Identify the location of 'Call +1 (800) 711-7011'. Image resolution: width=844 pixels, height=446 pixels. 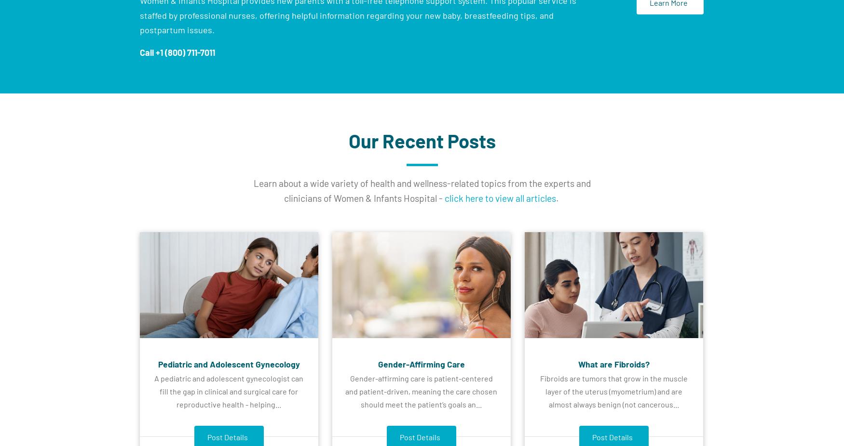
(177, 51).